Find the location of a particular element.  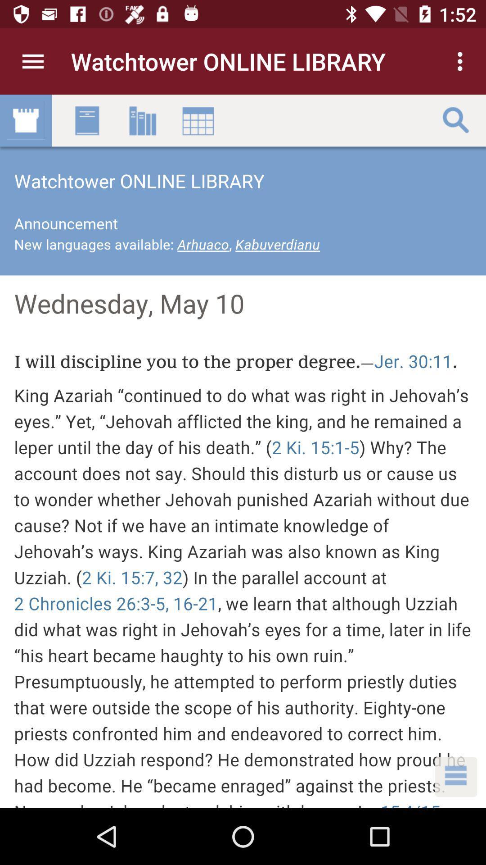

the article is located at coordinates (243, 451).